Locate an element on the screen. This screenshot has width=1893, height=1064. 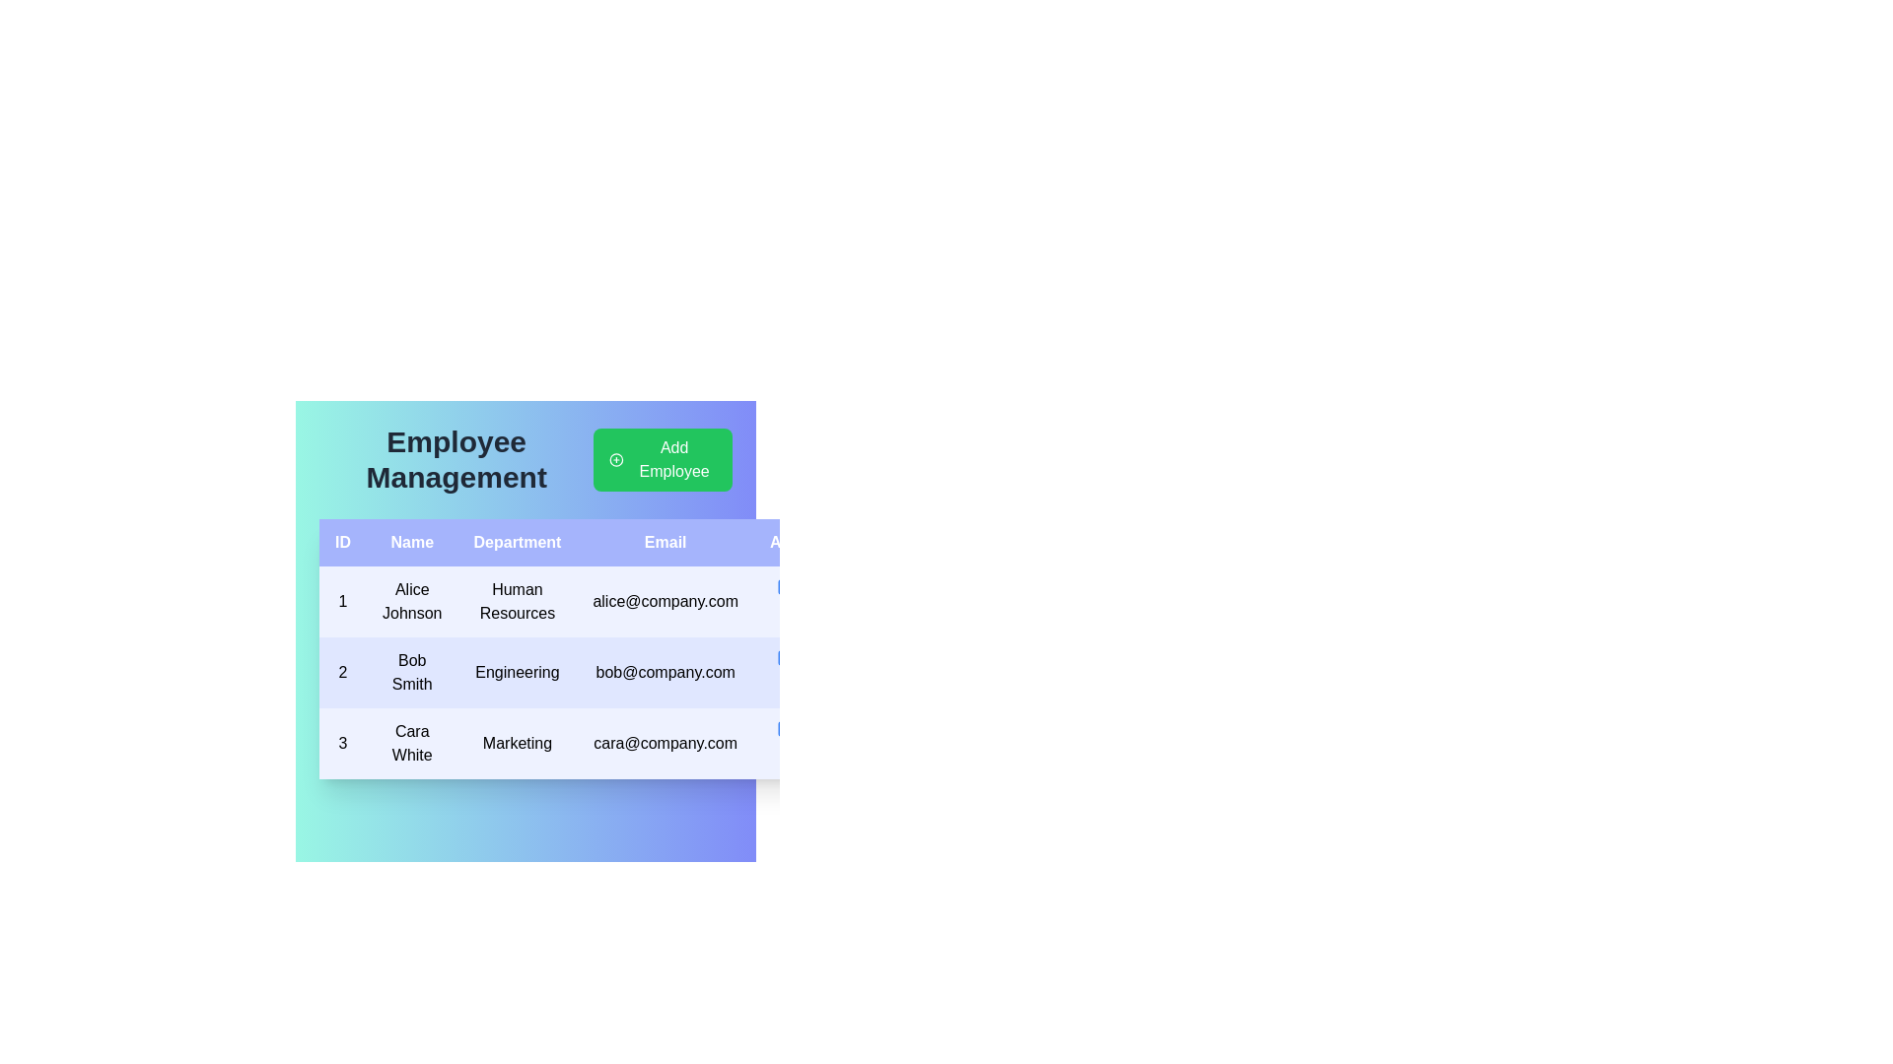
the highlighted table row displaying information for 'Alice Johnson' in the Employee Management section is located at coordinates (580, 600).